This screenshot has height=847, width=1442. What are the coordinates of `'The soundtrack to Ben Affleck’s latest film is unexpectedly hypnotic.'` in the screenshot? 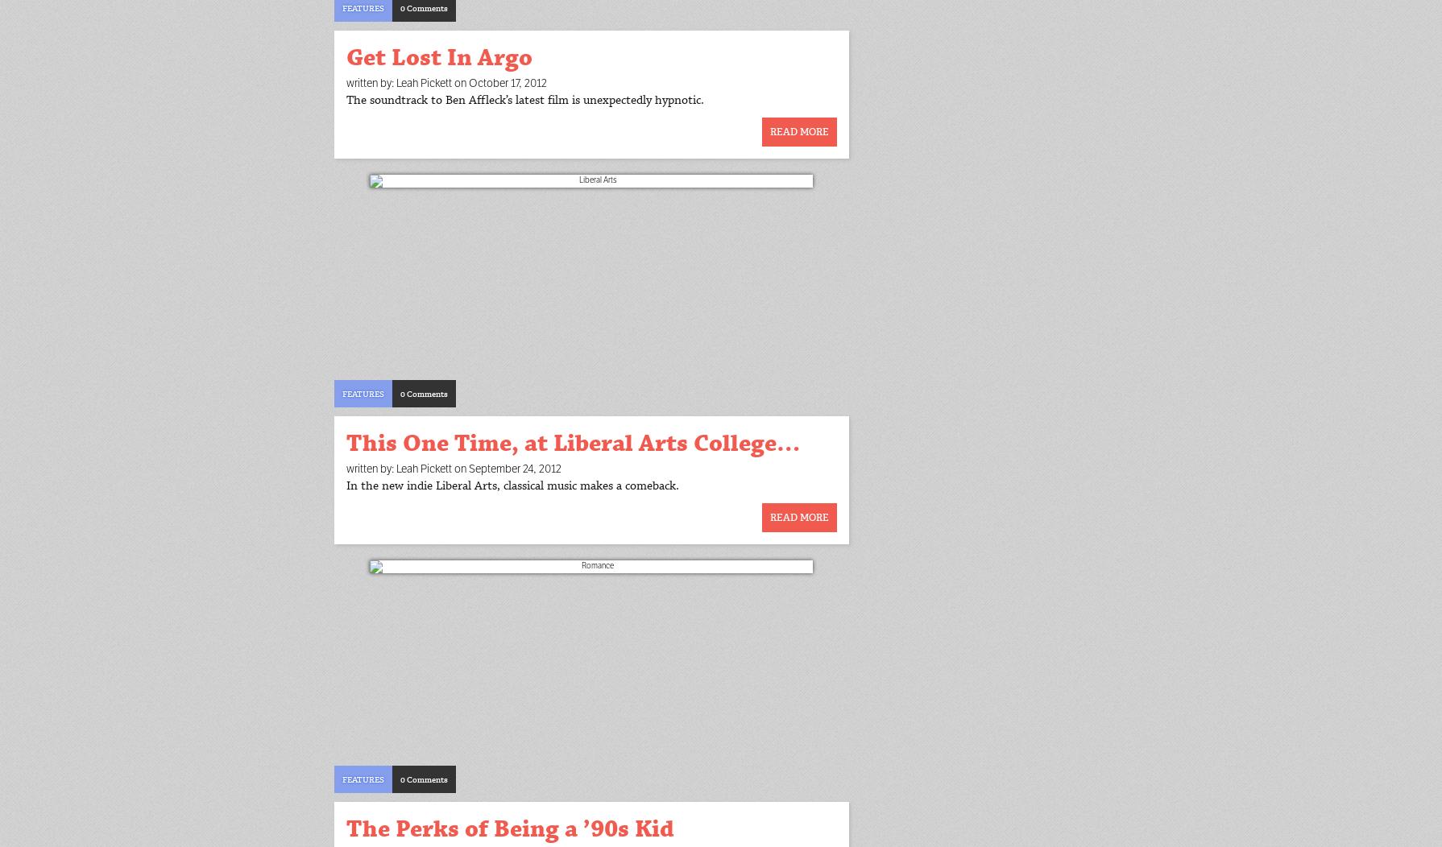 It's located at (524, 100).